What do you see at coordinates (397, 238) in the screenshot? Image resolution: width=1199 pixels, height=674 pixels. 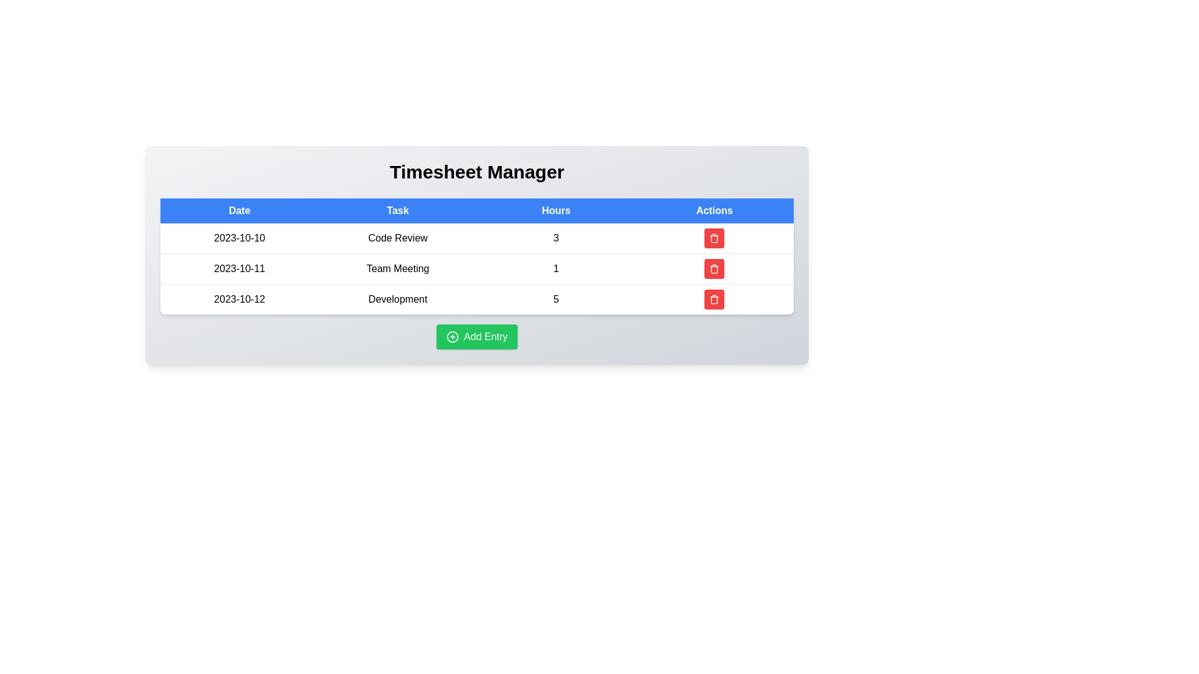 I see `the table cell representing the task 'Code Review' located in the second column of the first row, adjacent to the '2023-10-10' date cell and the '3' hours cell` at bounding box center [397, 238].